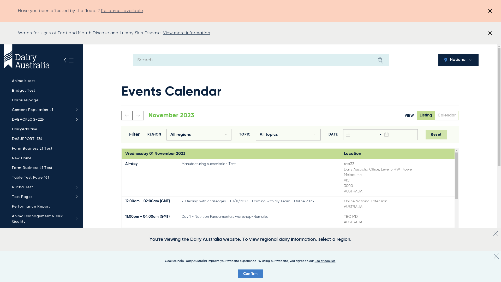  What do you see at coordinates (44, 129) in the screenshot?
I see `'DairyAdditive'` at bounding box center [44, 129].